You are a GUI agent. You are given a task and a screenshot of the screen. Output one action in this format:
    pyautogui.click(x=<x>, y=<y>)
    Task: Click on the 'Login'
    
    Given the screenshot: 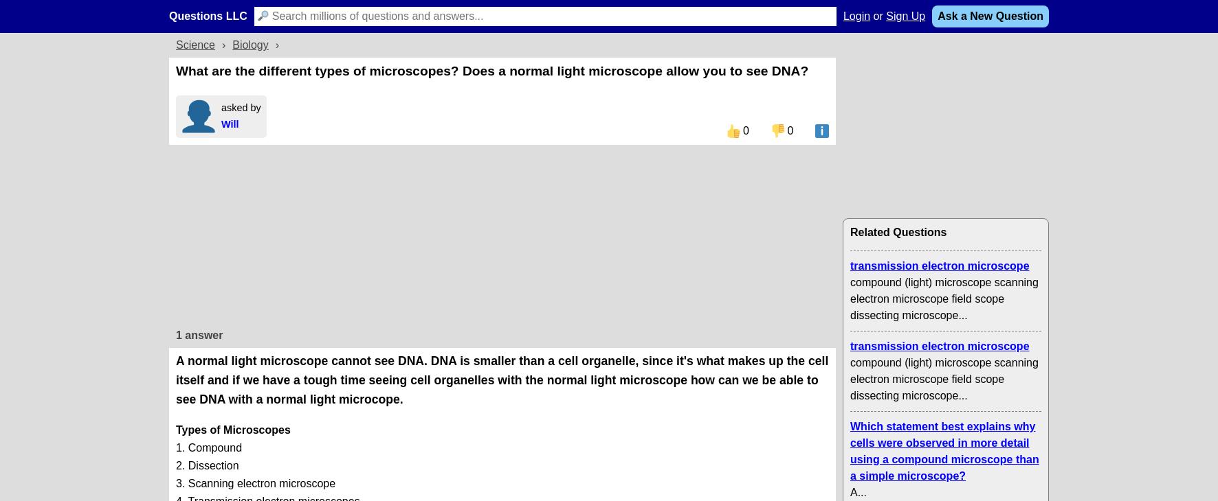 What is the action you would take?
    pyautogui.click(x=856, y=15)
    